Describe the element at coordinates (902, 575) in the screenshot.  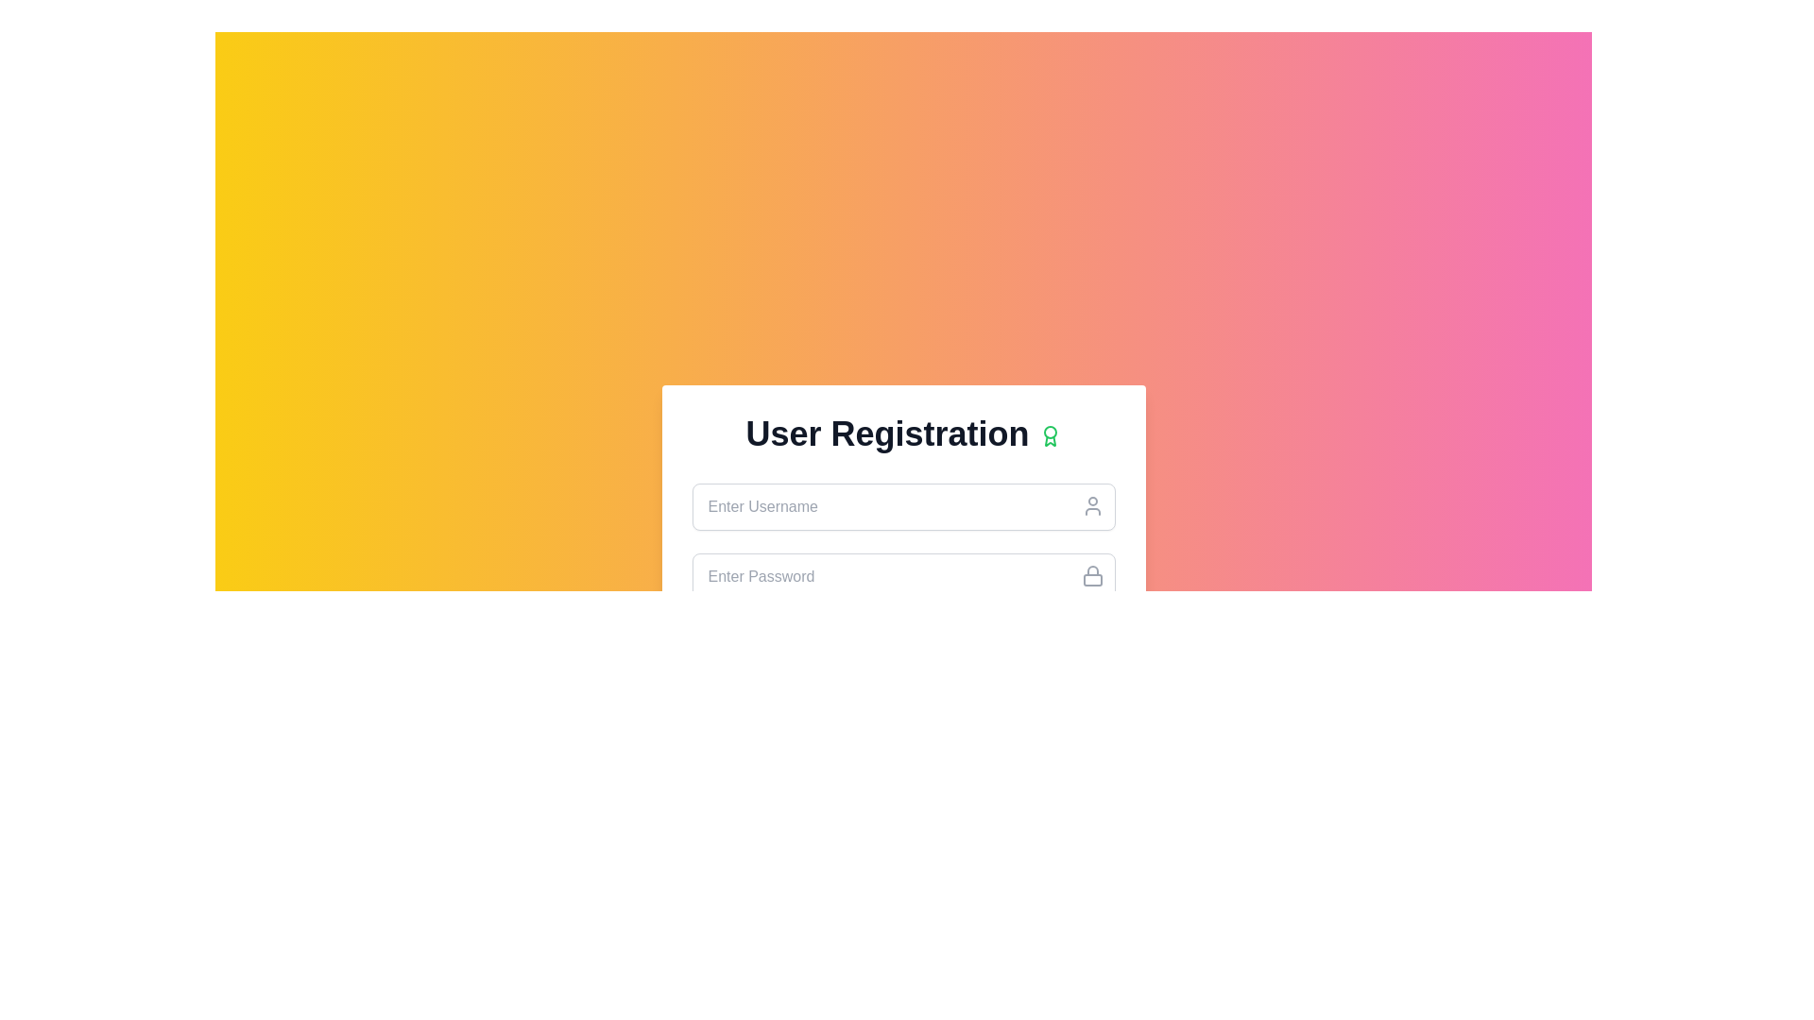
I see `the password input field located centrally under the 'User Registration' form` at that location.